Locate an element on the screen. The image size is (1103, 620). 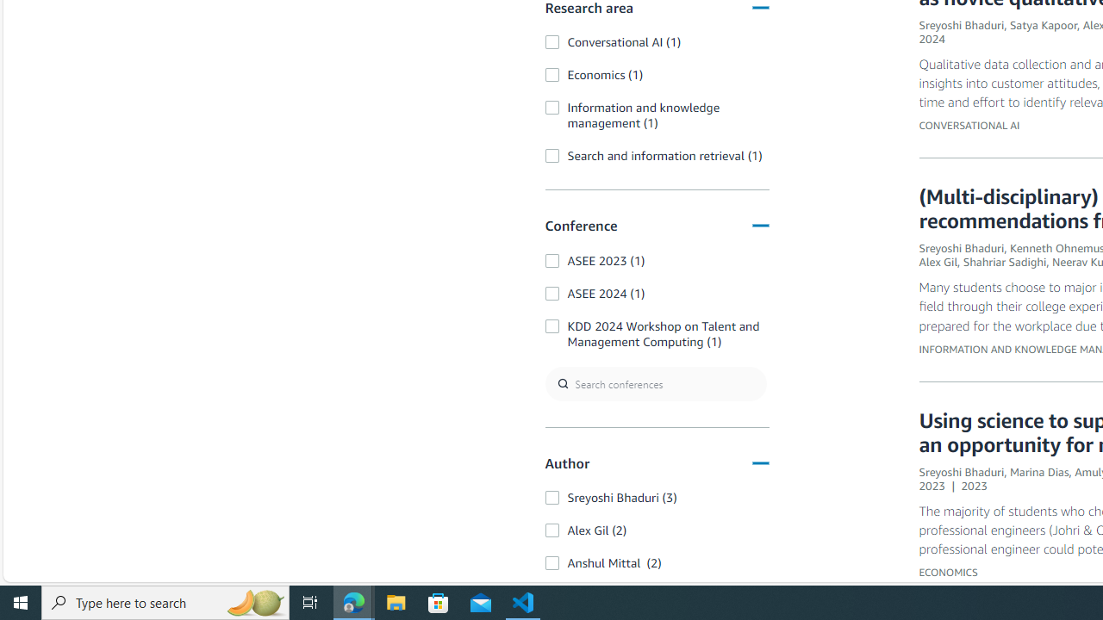
'CONVERSATIONAL AI' is located at coordinates (969, 125).